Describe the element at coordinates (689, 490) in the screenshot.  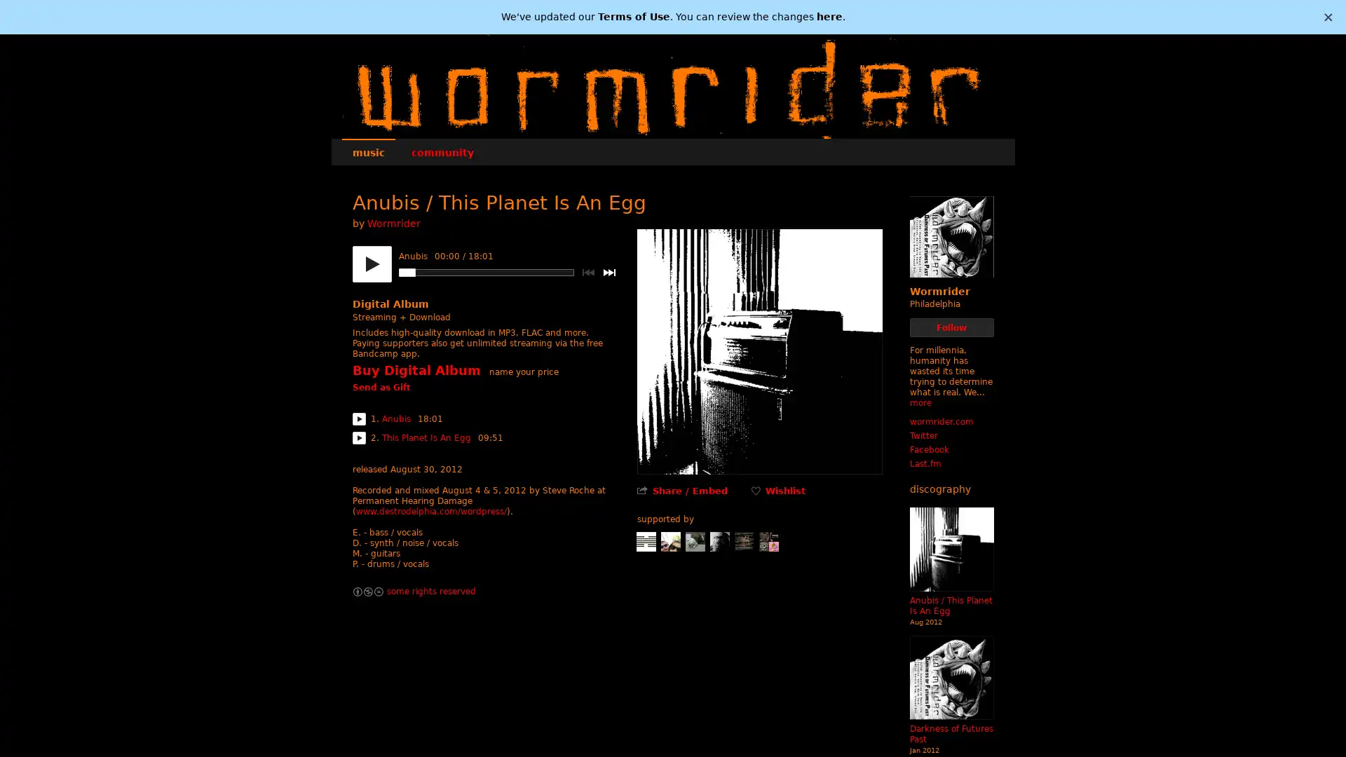
I see `Share / Embed` at that location.